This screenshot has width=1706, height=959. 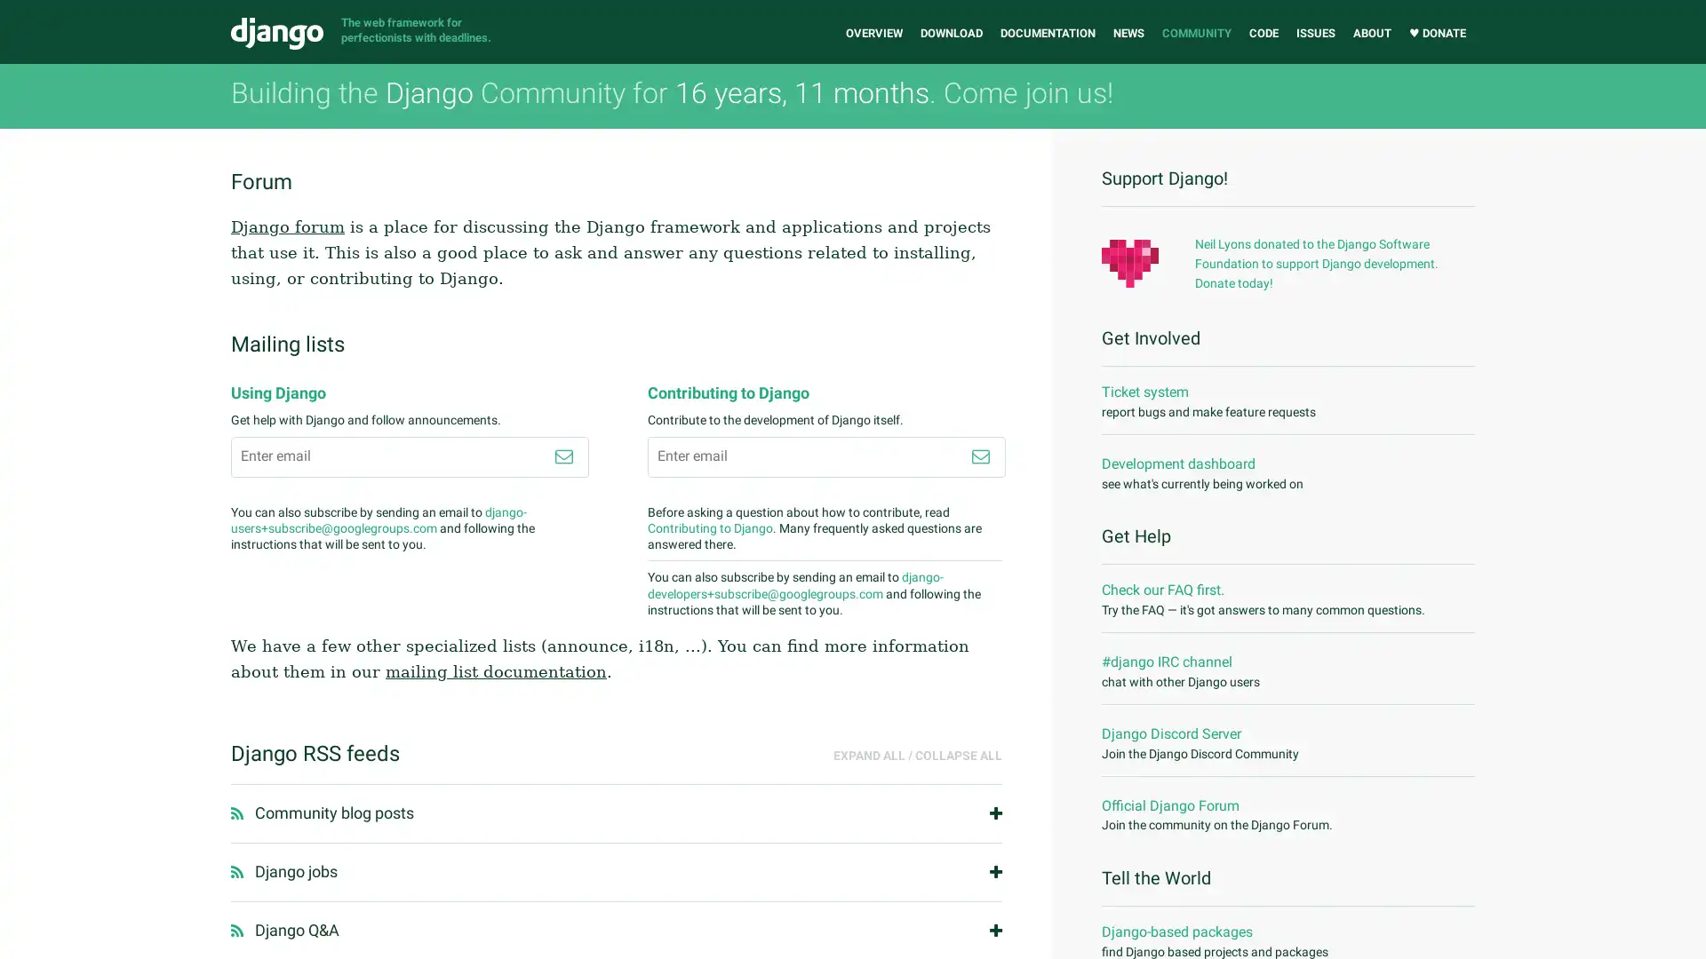 What do you see at coordinates (562, 455) in the screenshot?
I see `Subscribe` at bounding box center [562, 455].